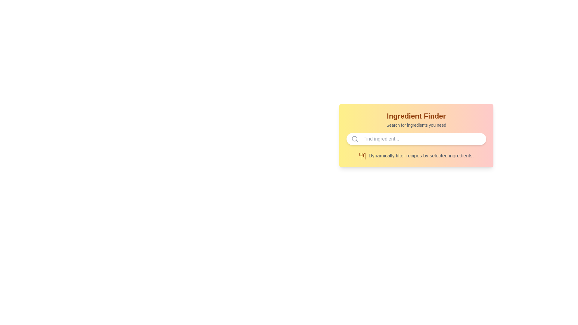 The width and height of the screenshot is (578, 325). I want to click on the text label that says 'Search for ingredients you need', which is styled in a small gray font and positioned directly beneath the heading 'Ingredient Finder', so click(416, 125).